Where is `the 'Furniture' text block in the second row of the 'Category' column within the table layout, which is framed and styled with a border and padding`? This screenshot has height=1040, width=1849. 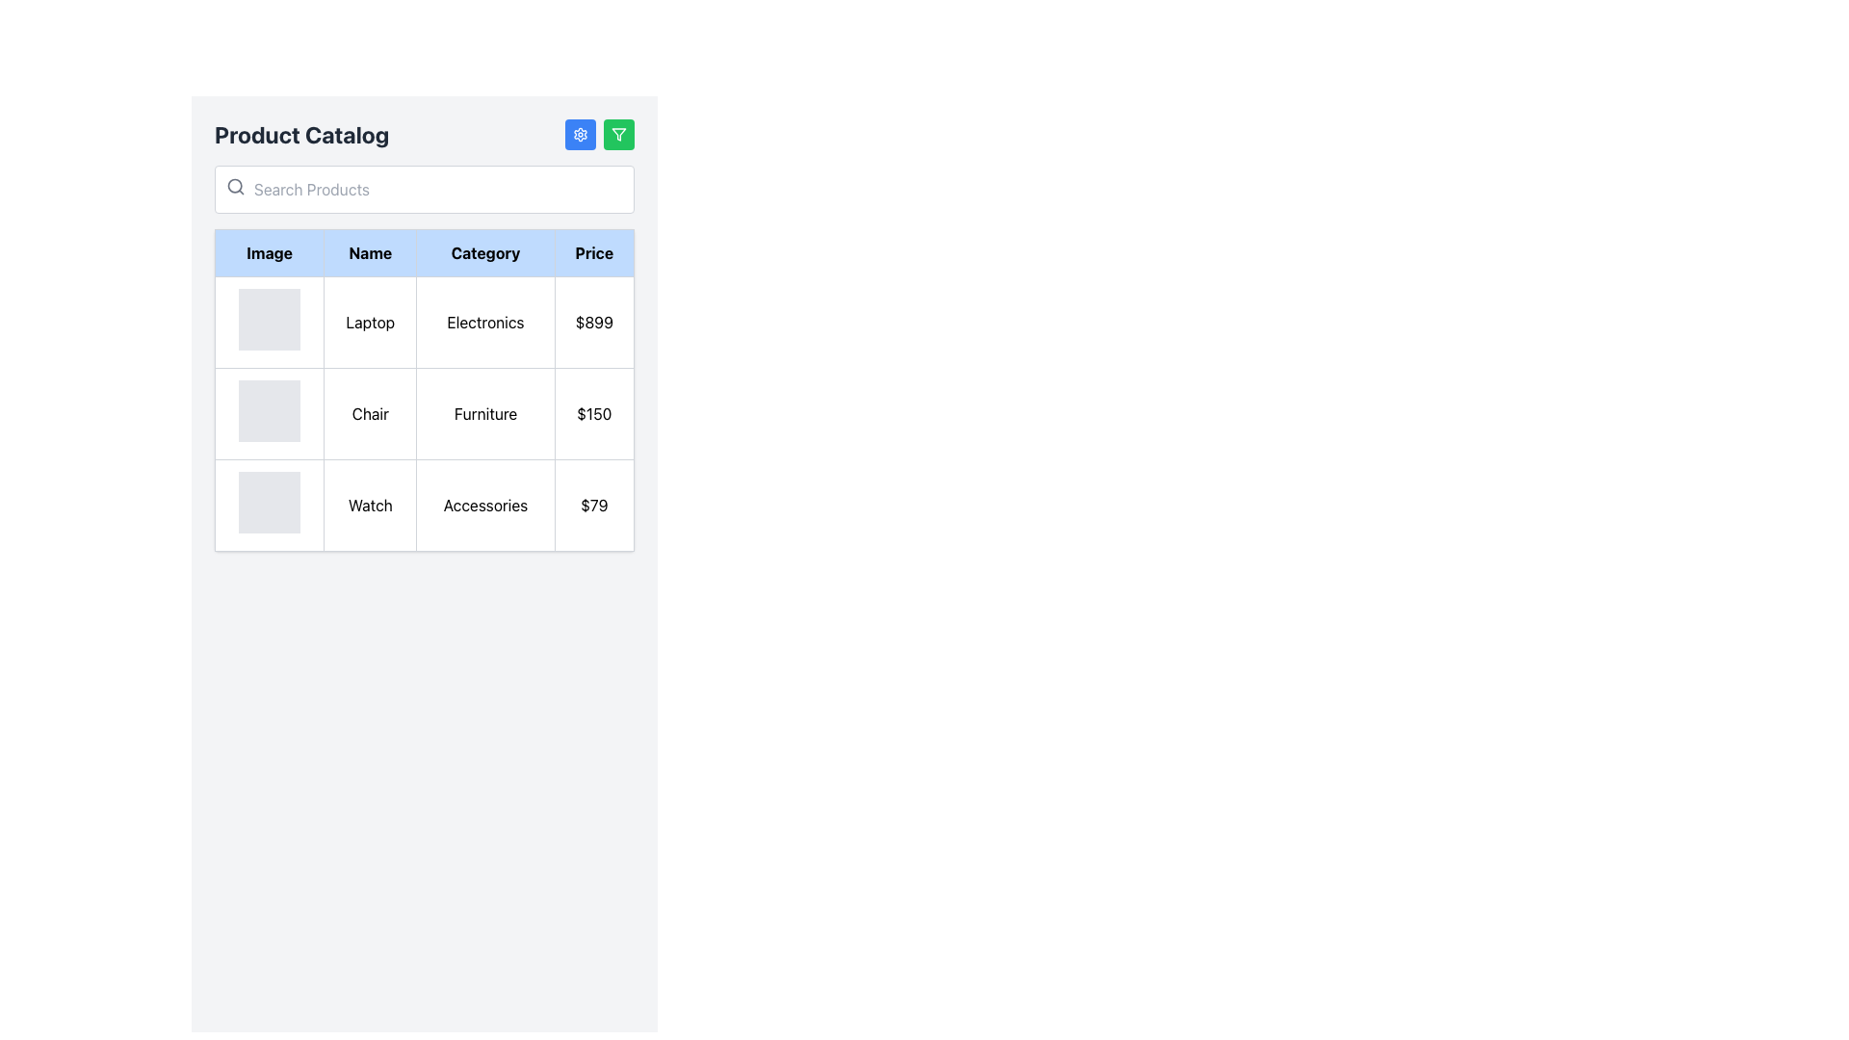 the 'Furniture' text block in the second row of the 'Category' column within the table layout, which is framed and styled with a border and padding is located at coordinates (485, 412).